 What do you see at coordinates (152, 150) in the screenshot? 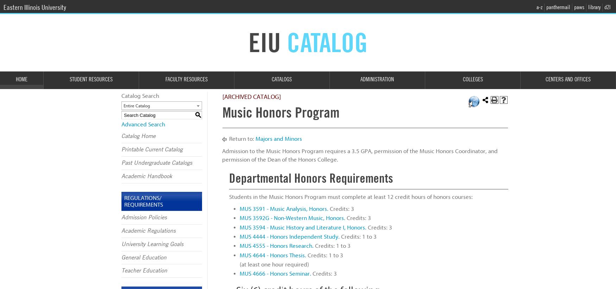
I see `'Printable Current Catalog'` at bounding box center [152, 150].